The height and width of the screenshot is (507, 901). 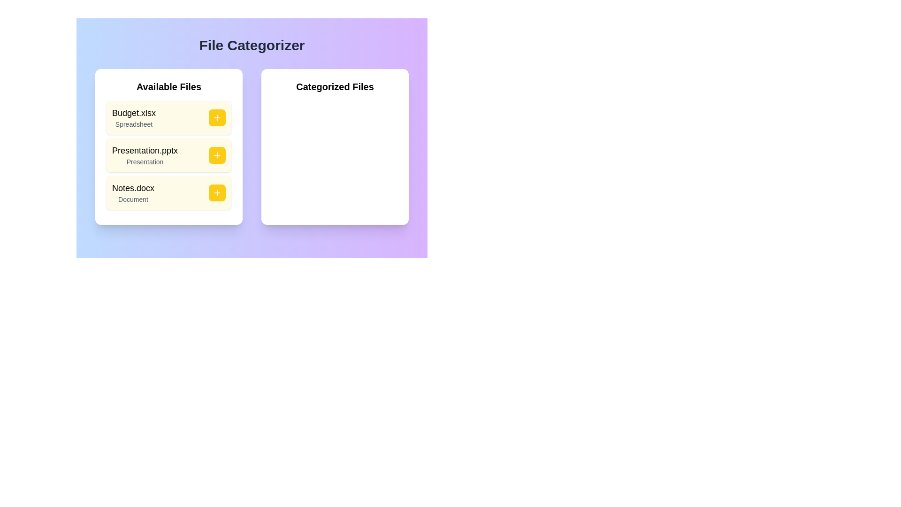 What do you see at coordinates (216, 155) in the screenshot?
I see `the small plus icon button with a yellow background located to the right of the 'Presentation.pptx' file name text in the second entry of the list under the 'Available Files' column` at bounding box center [216, 155].